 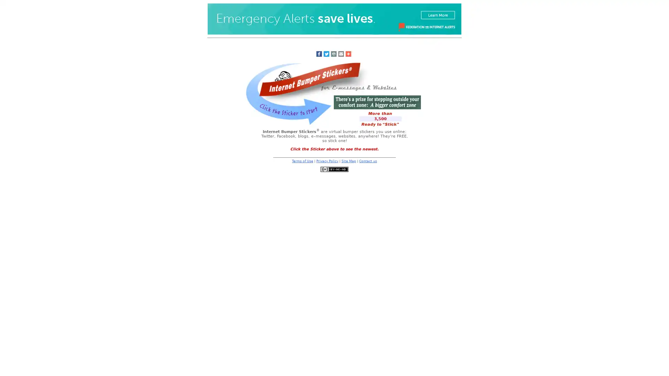 I want to click on Share to More, so click(x=348, y=53).